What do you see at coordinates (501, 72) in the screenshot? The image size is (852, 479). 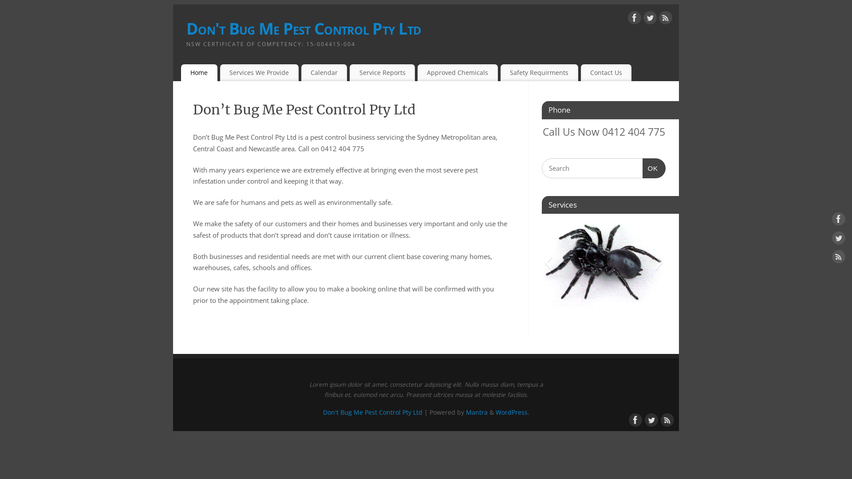 I see `'Safety Requirments'` at bounding box center [501, 72].